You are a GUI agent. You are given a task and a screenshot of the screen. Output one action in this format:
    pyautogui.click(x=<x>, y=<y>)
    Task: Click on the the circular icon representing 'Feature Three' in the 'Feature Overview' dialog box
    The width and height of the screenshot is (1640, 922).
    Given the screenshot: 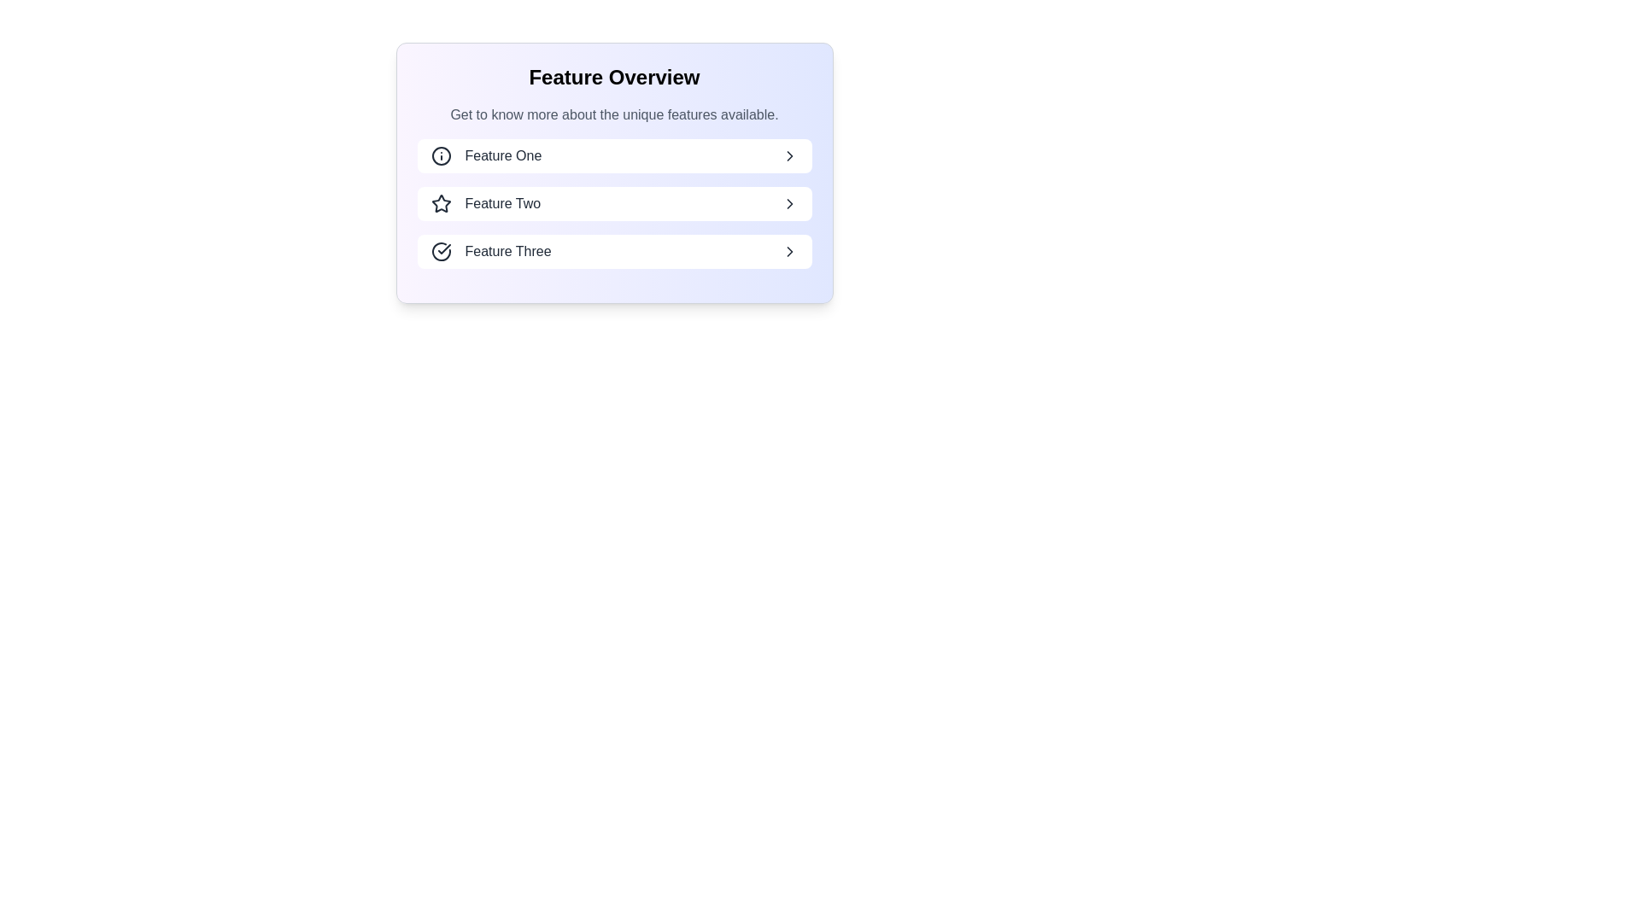 What is the action you would take?
    pyautogui.click(x=441, y=251)
    